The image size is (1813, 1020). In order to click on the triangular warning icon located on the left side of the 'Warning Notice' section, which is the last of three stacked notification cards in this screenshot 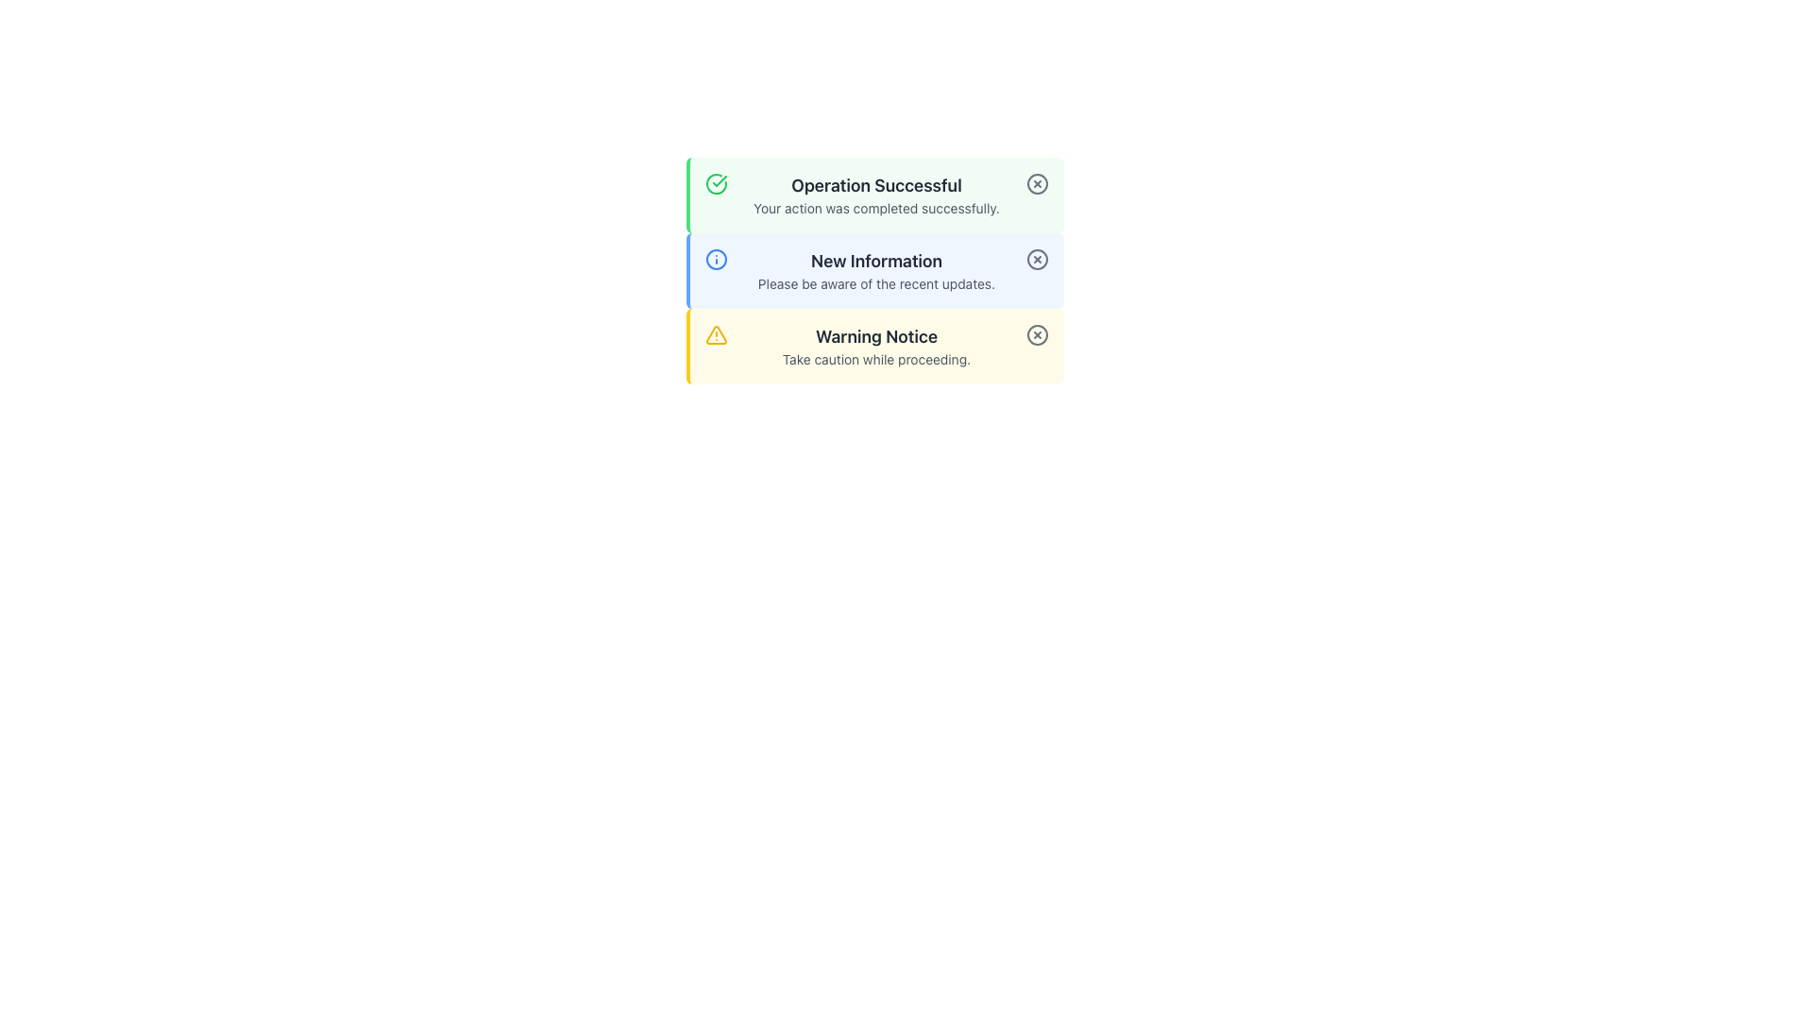, I will do `click(715, 333)`.